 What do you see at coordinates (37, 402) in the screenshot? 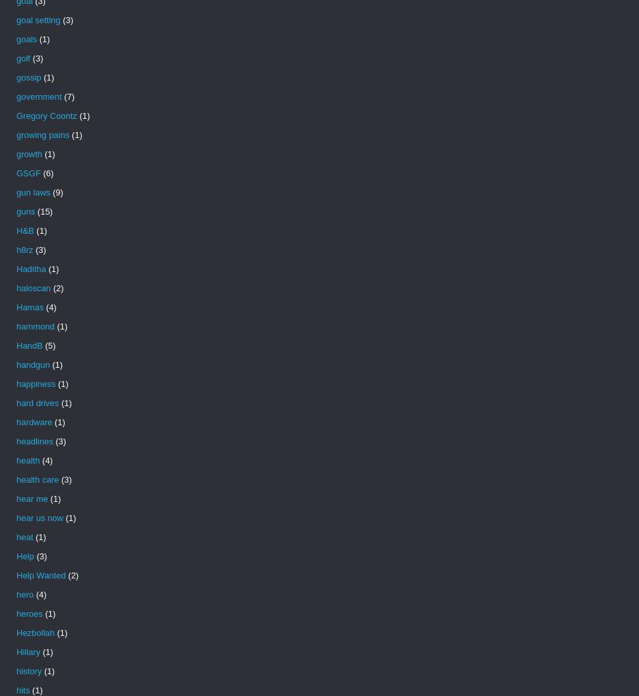
I see `'hard drives'` at bounding box center [37, 402].